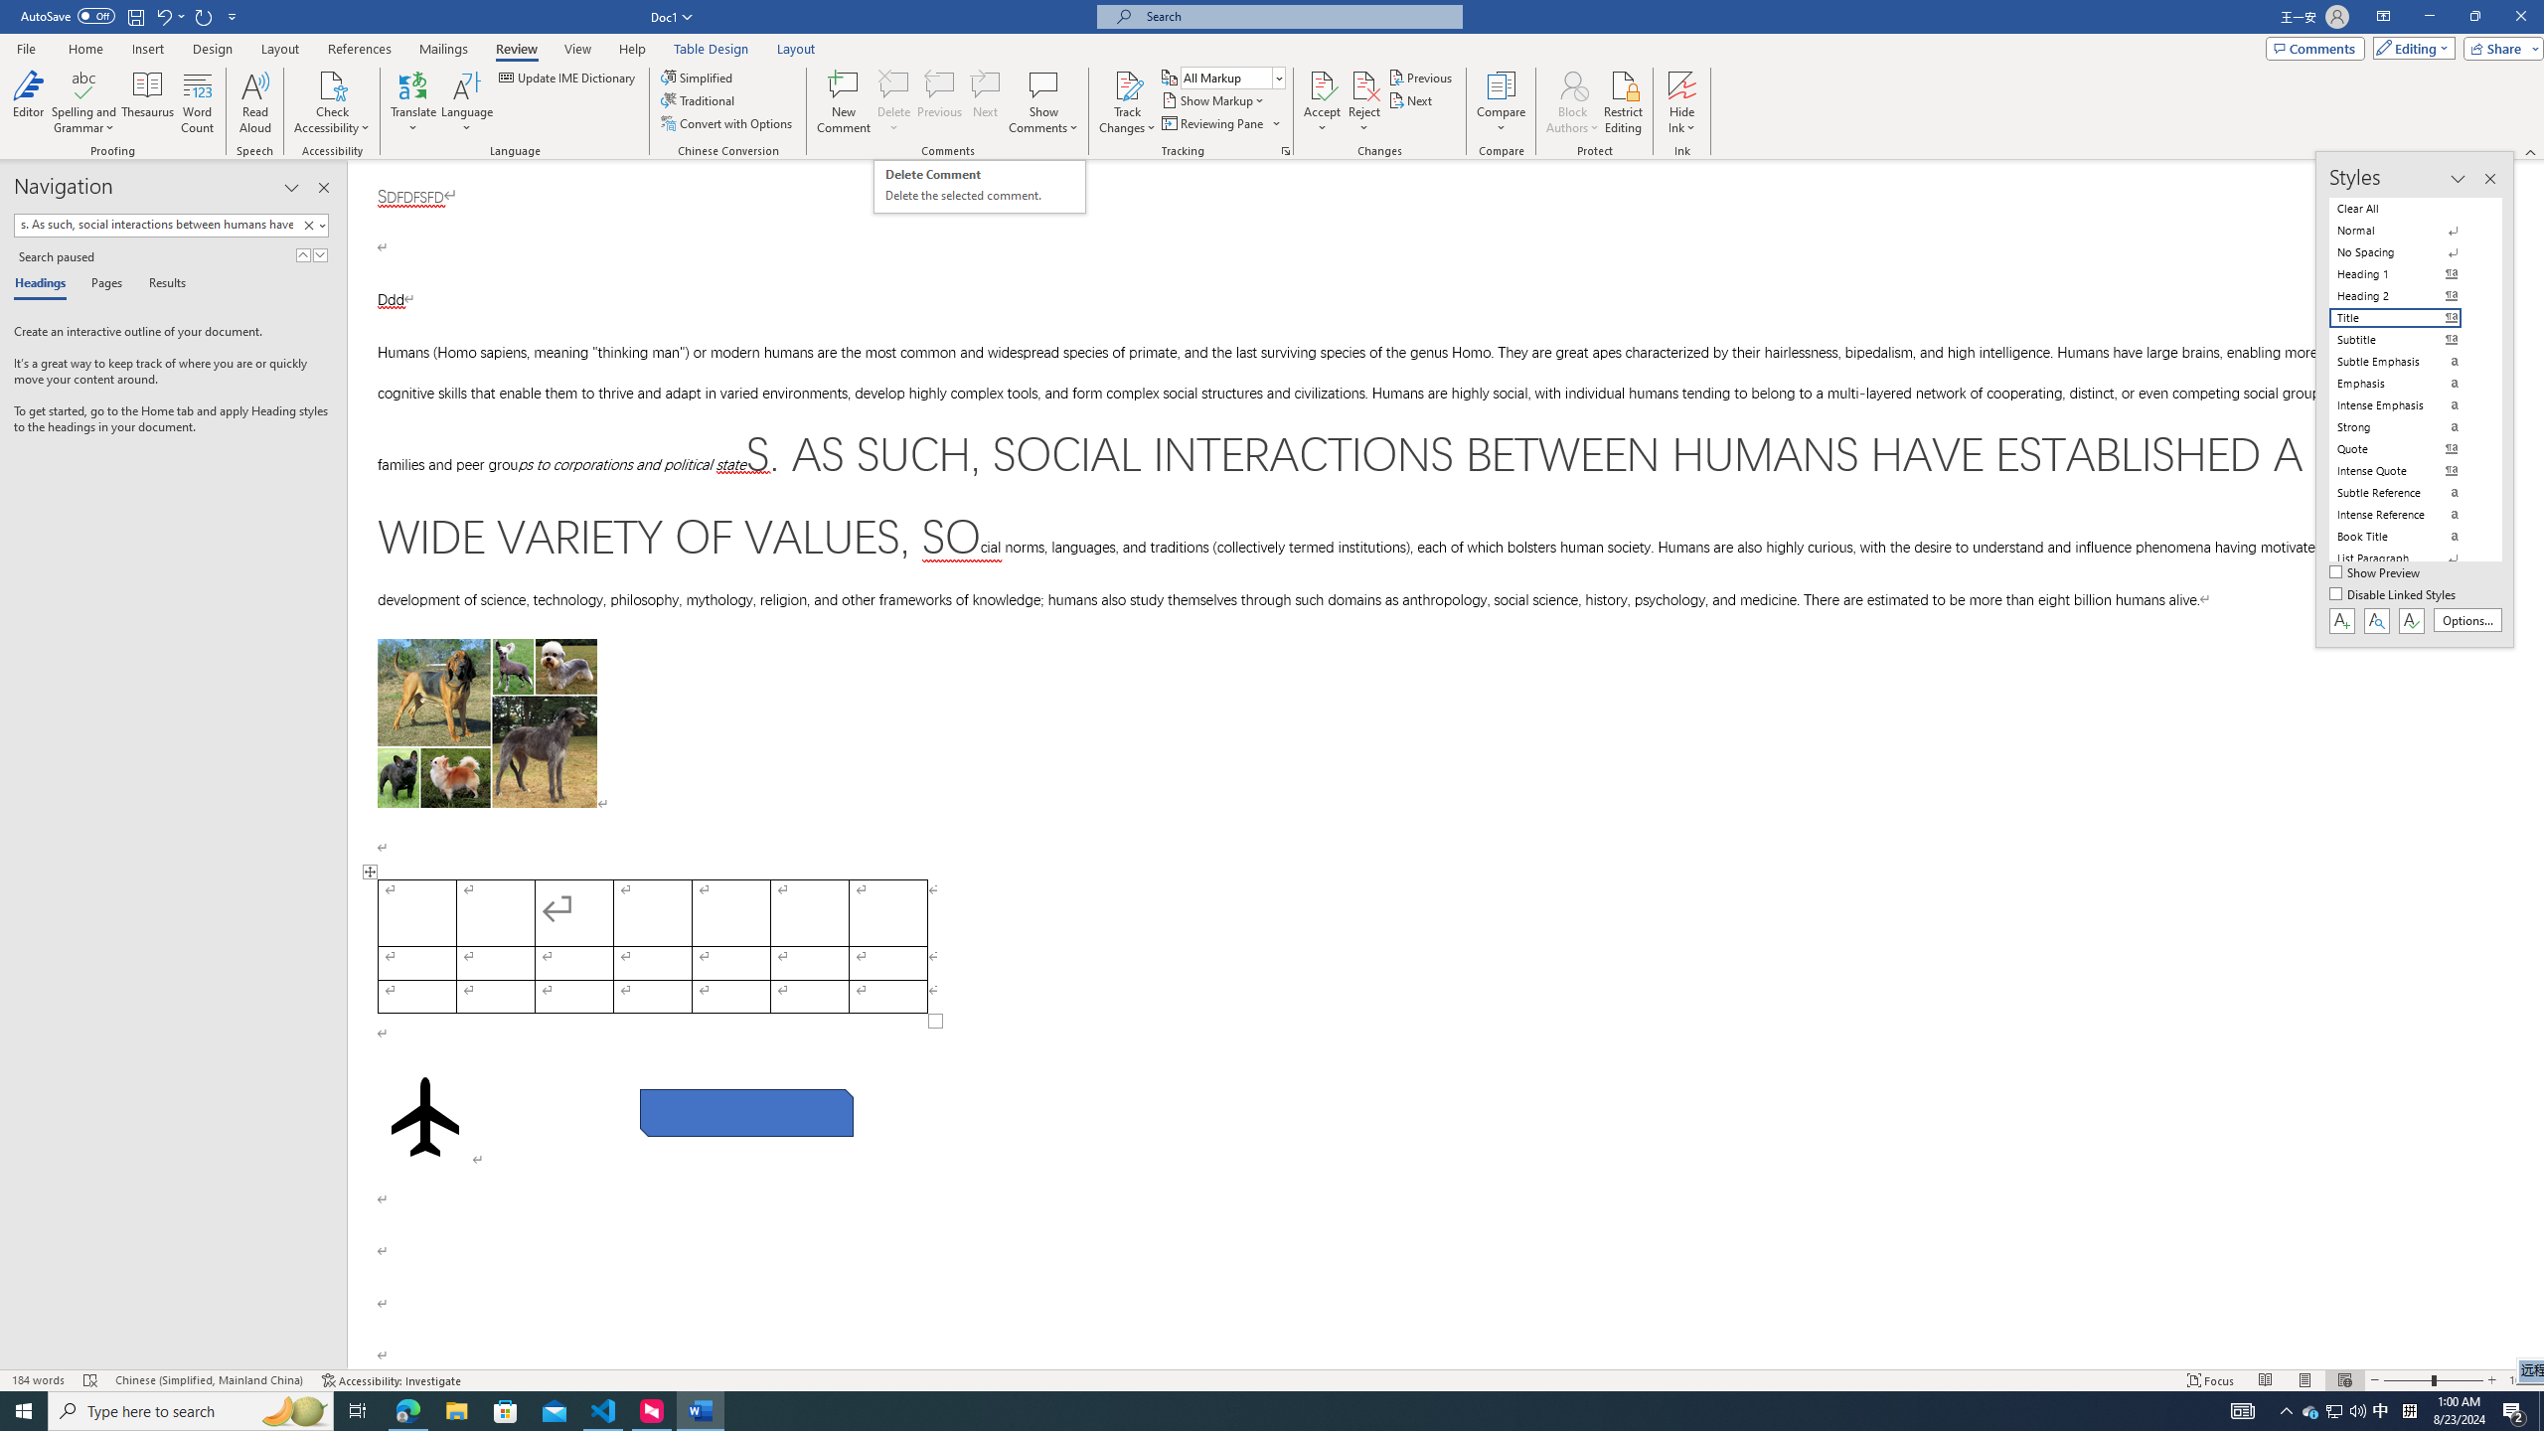 This screenshot has height=1431, width=2544. I want to click on 'Convert with Options...', so click(728, 121).